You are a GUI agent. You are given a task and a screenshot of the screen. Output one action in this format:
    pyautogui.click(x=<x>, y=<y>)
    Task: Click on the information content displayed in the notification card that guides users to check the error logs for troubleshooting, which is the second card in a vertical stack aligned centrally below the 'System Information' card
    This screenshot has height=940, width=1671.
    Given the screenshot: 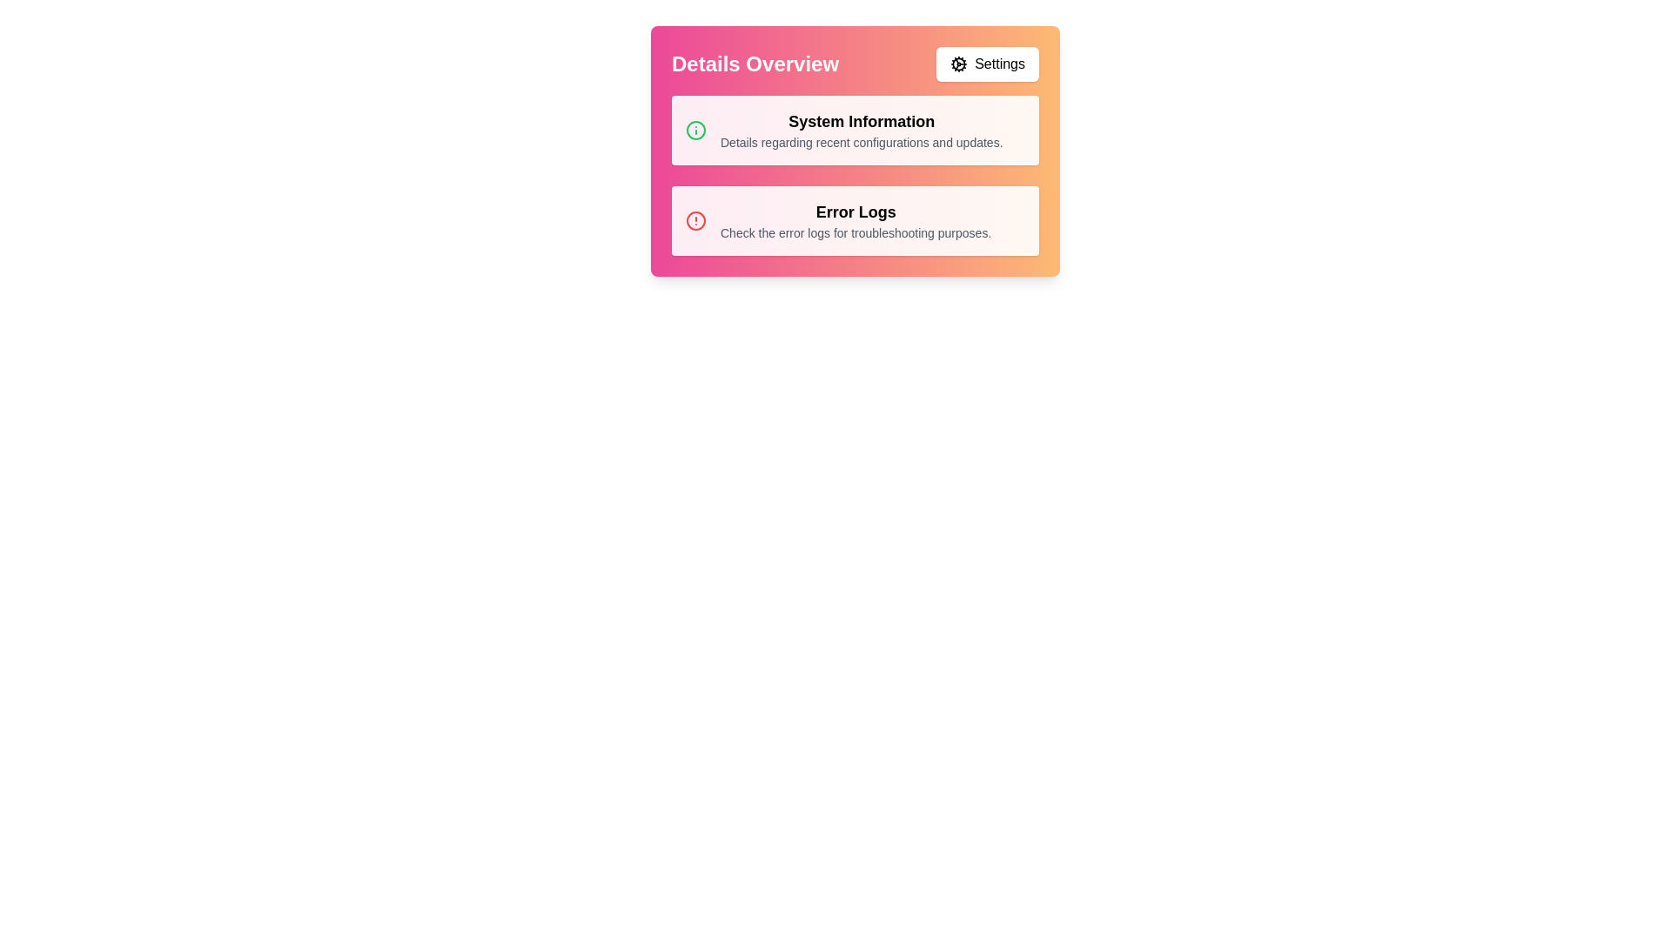 What is the action you would take?
    pyautogui.click(x=856, y=220)
    